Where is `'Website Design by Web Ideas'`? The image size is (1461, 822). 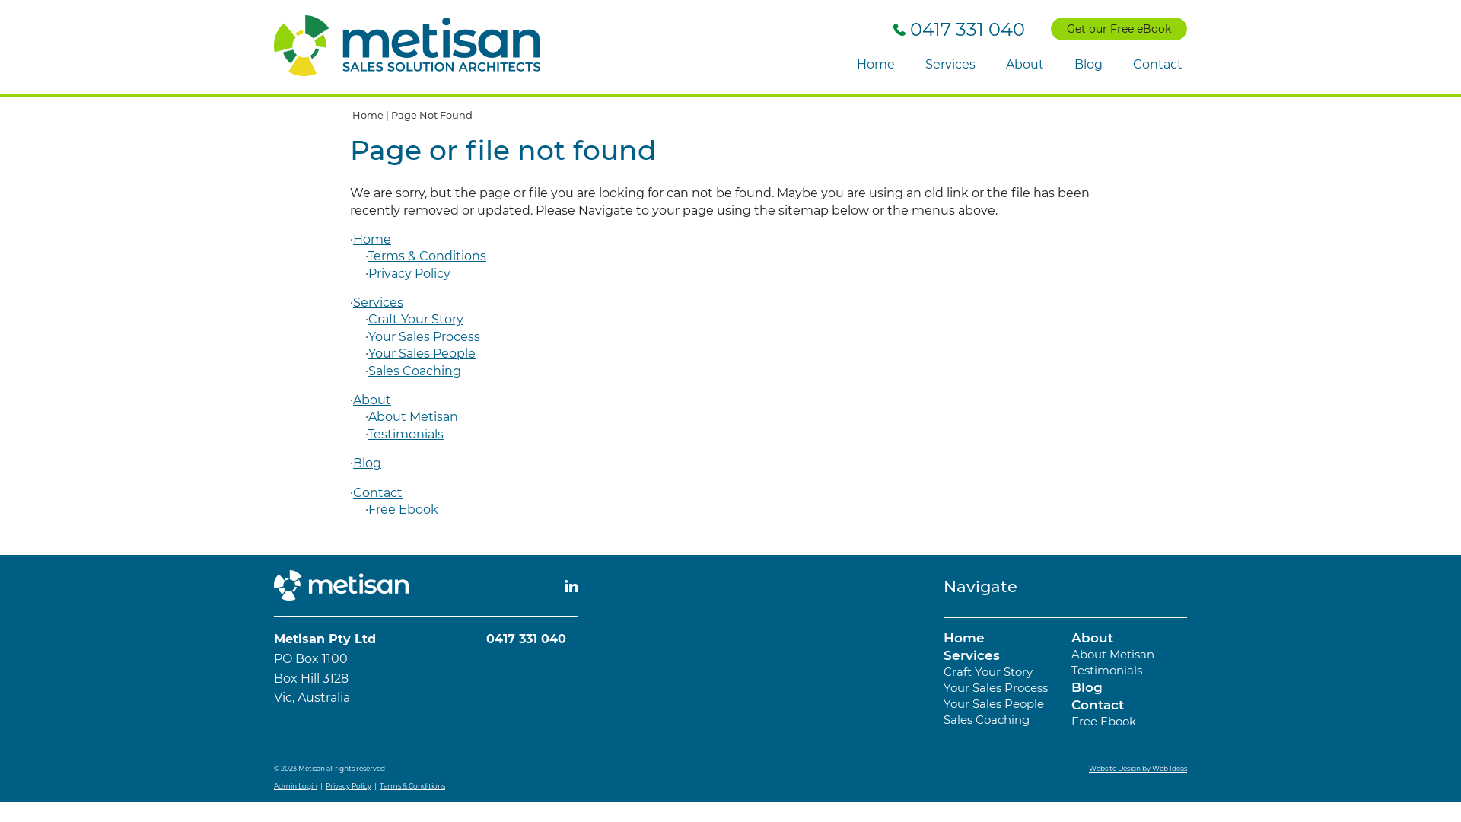 'Website Design by Web Ideas' is located at coordinates (1087, 768).